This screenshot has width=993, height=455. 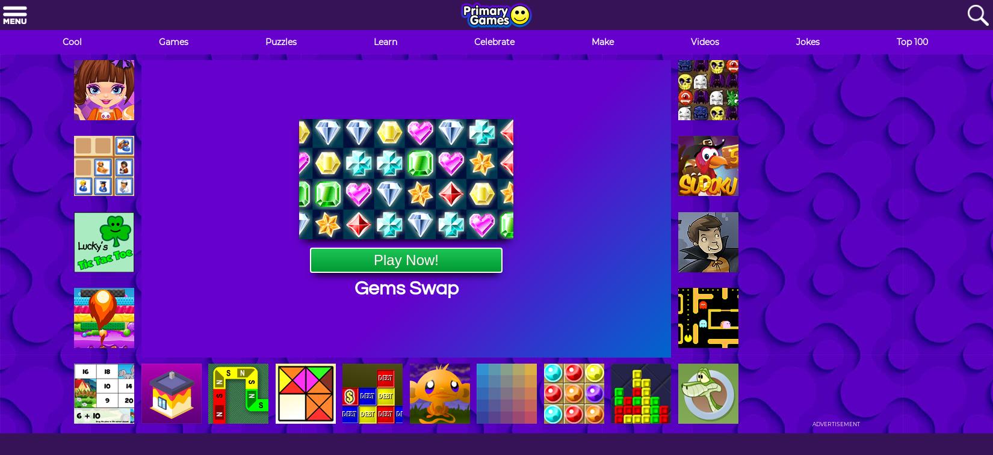 I want to click on 'Gems Swap', so click(x=405, y=289).